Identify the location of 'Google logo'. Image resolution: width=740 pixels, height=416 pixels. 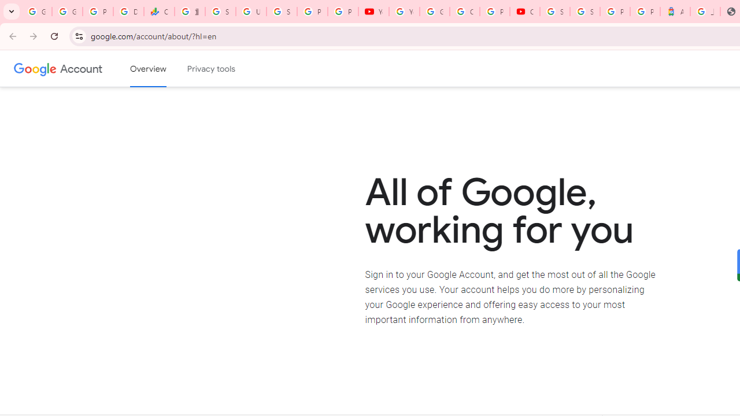
(35, 68).